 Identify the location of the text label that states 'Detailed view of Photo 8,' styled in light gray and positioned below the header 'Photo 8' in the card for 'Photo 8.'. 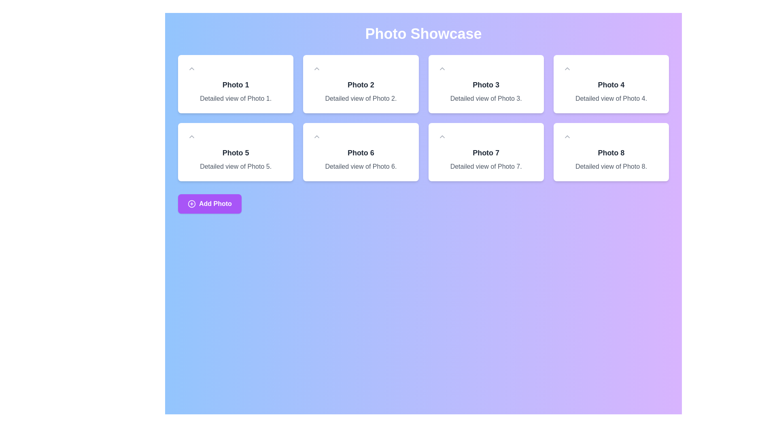
(611, 166).